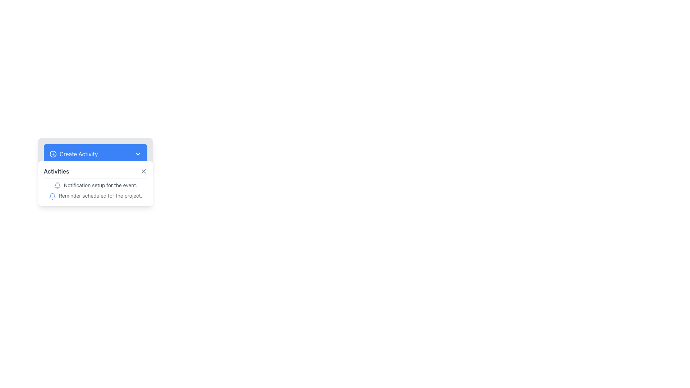 The height and width of the screenshot is (388, 690). I want to click on the first icon button on the left labeled 'Create Activity' to initiate the creation of a new activity, so click(53, 153).